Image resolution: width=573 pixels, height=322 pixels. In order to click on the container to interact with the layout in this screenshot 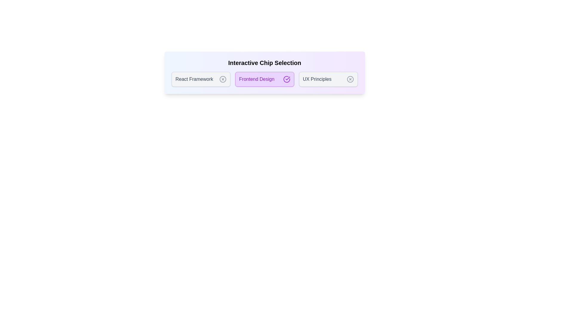, I will do `click(264, 72)`.